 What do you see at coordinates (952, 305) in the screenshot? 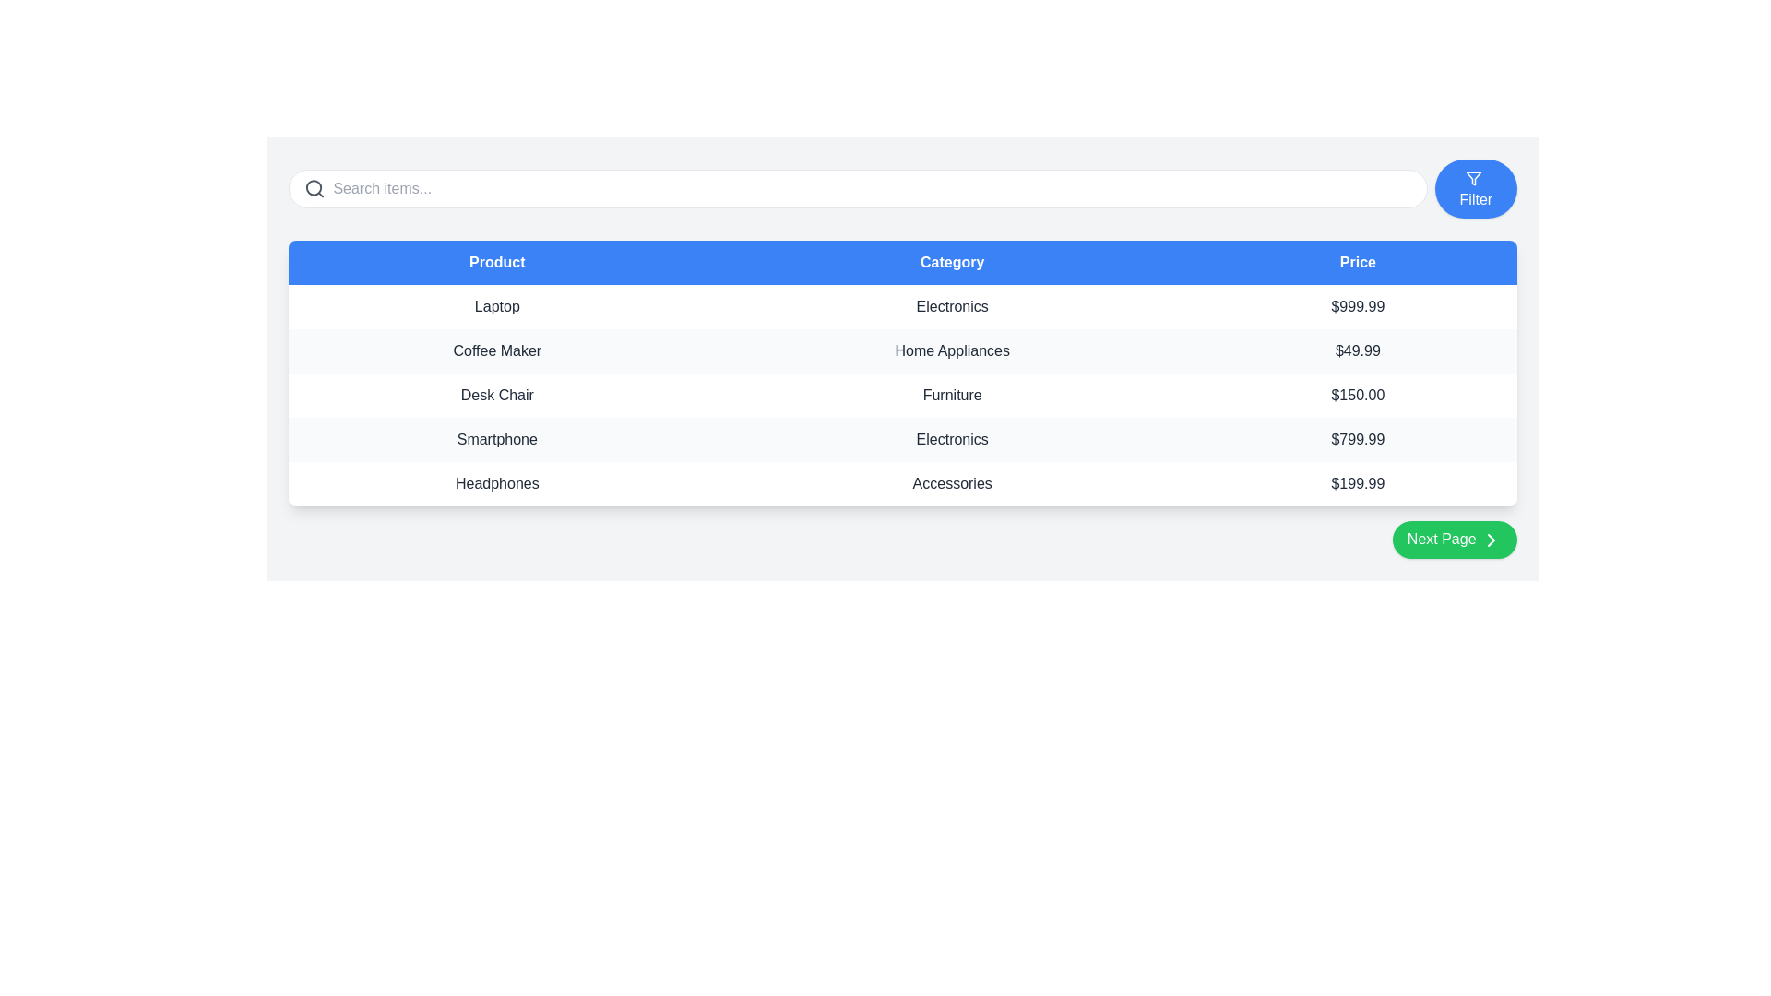
I see `text of the 'Electronics' category label in the table that indicates the item 'Laptop' belongs to this category` at bounding box center [952, 305].